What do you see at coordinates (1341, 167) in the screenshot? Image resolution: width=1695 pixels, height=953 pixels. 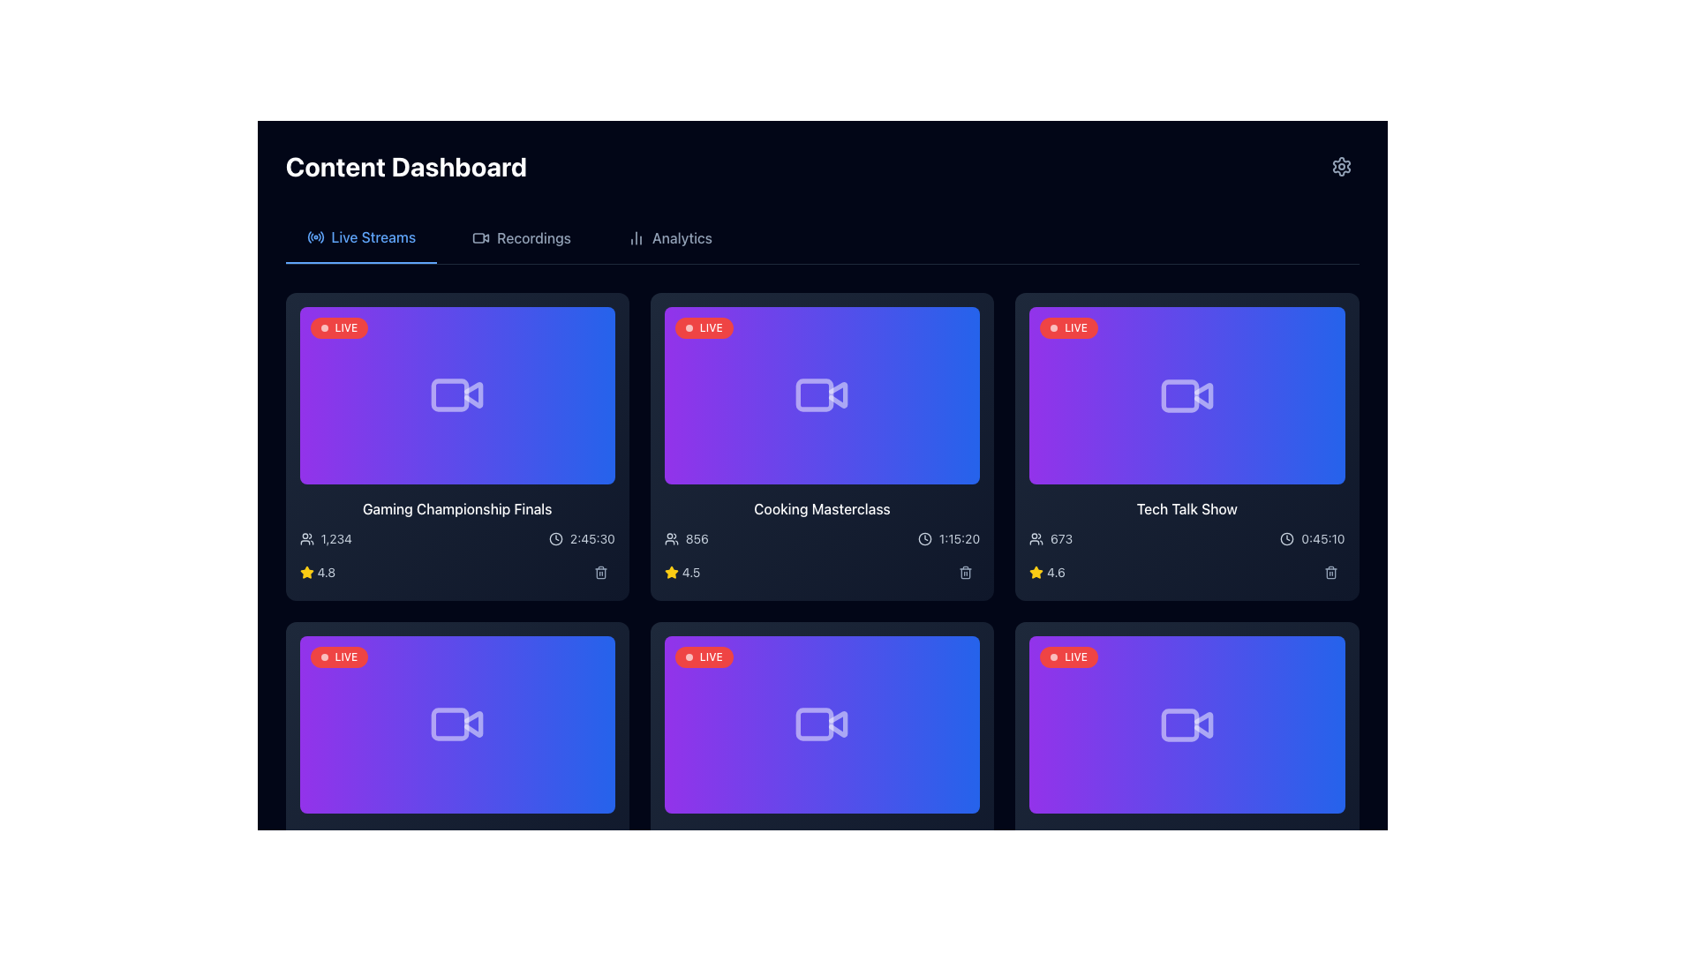 I see `the settings icon, which resembles a gear, located in the top-right corner of the interface` at bounding box center [1341, 167].